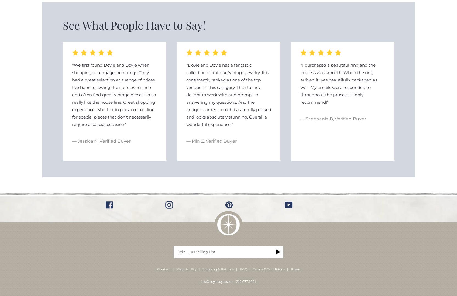 This screenshot has height=296, width=457. I want to click on 'Contact', so click(157, 269).